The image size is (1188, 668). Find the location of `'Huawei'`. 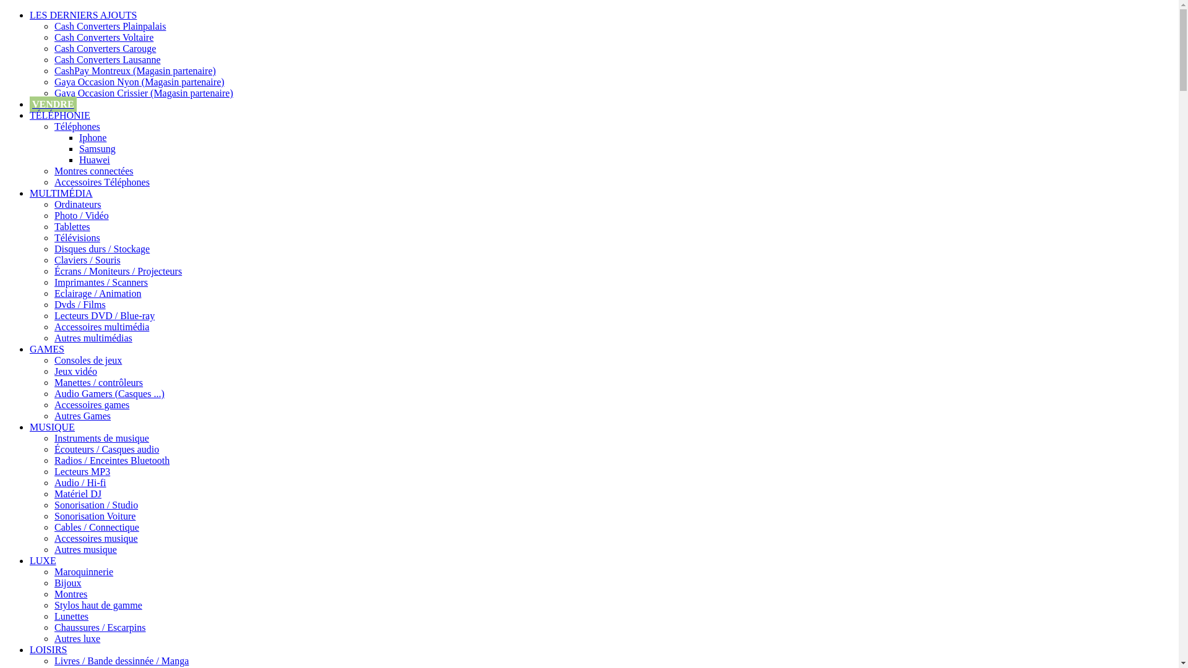

'Huawei' is located at coordinates (94, 159).